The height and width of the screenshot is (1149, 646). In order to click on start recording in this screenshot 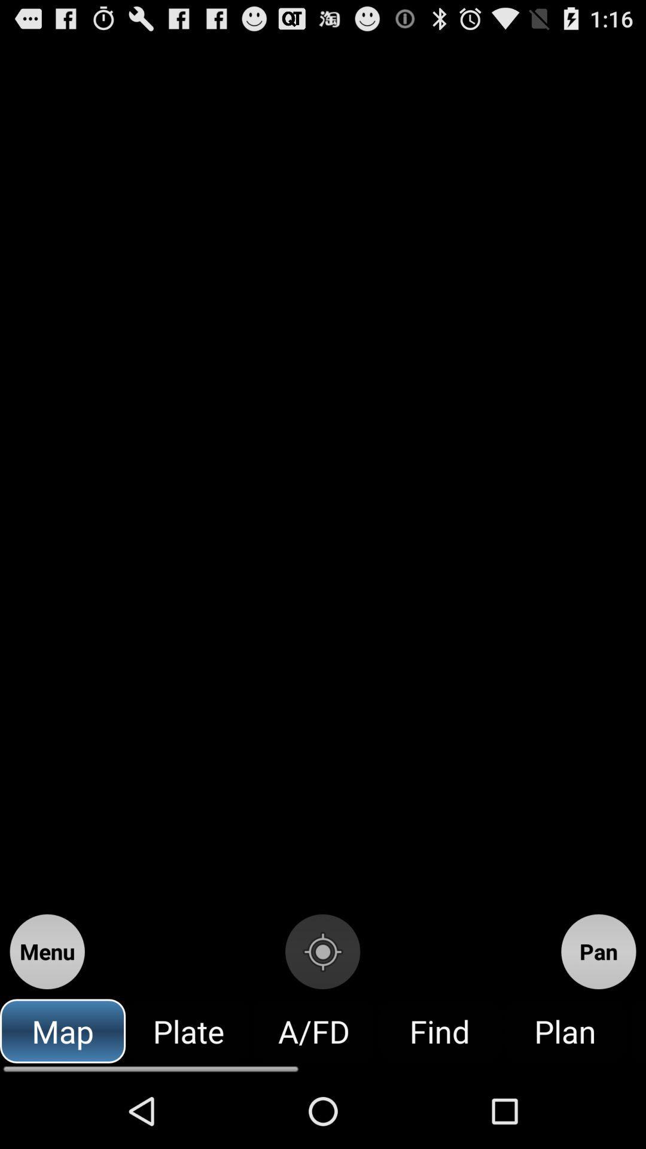, I will do `click(322, 951)`.